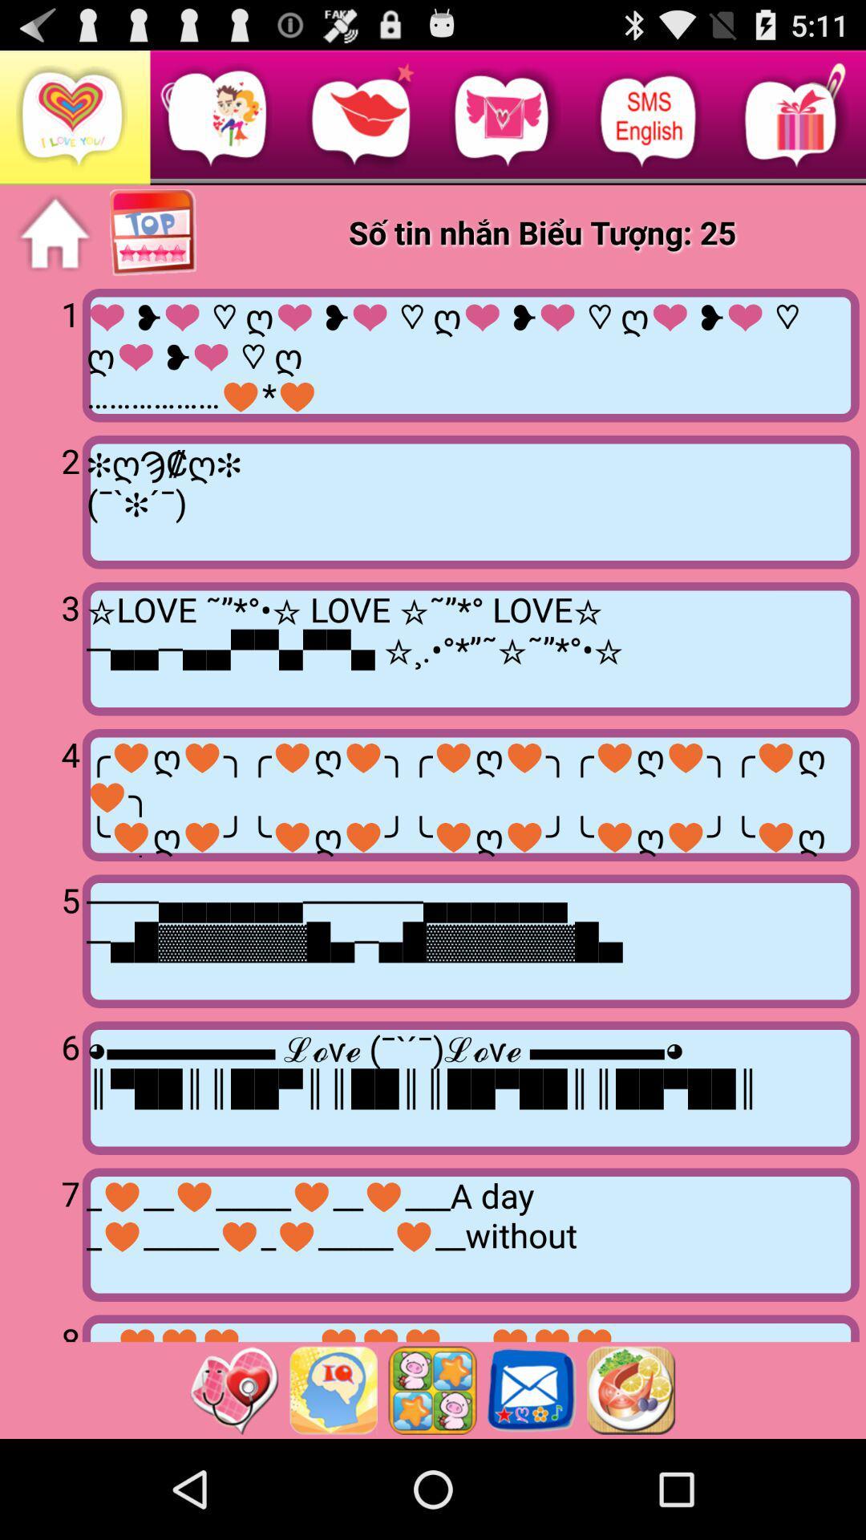  What do you see at coordinates (43, 500) in the screenshot?
I see `2` at bounding box center [43, 500].